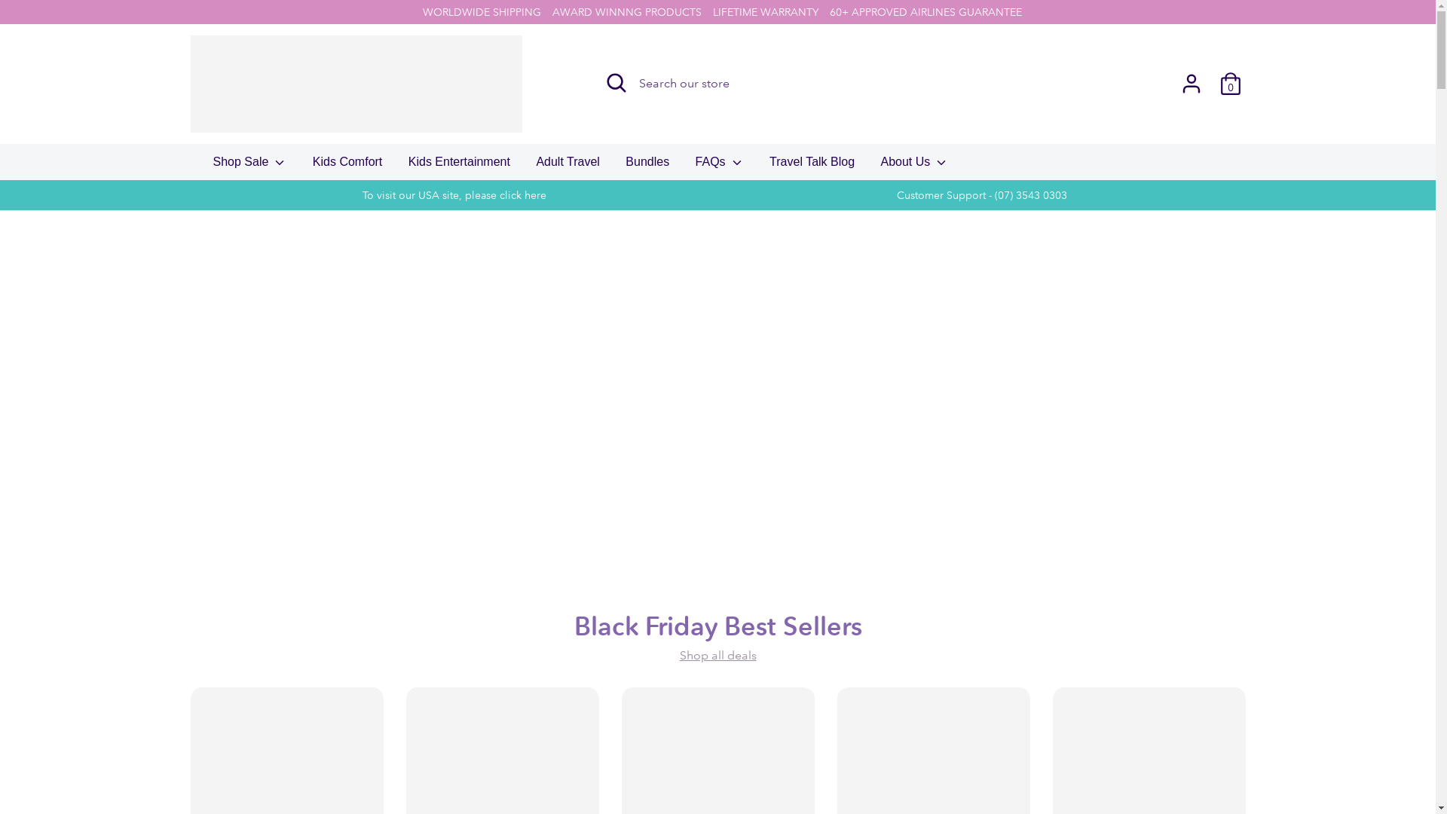  I want to click on 'Kids Comfort', so click(346, 166).